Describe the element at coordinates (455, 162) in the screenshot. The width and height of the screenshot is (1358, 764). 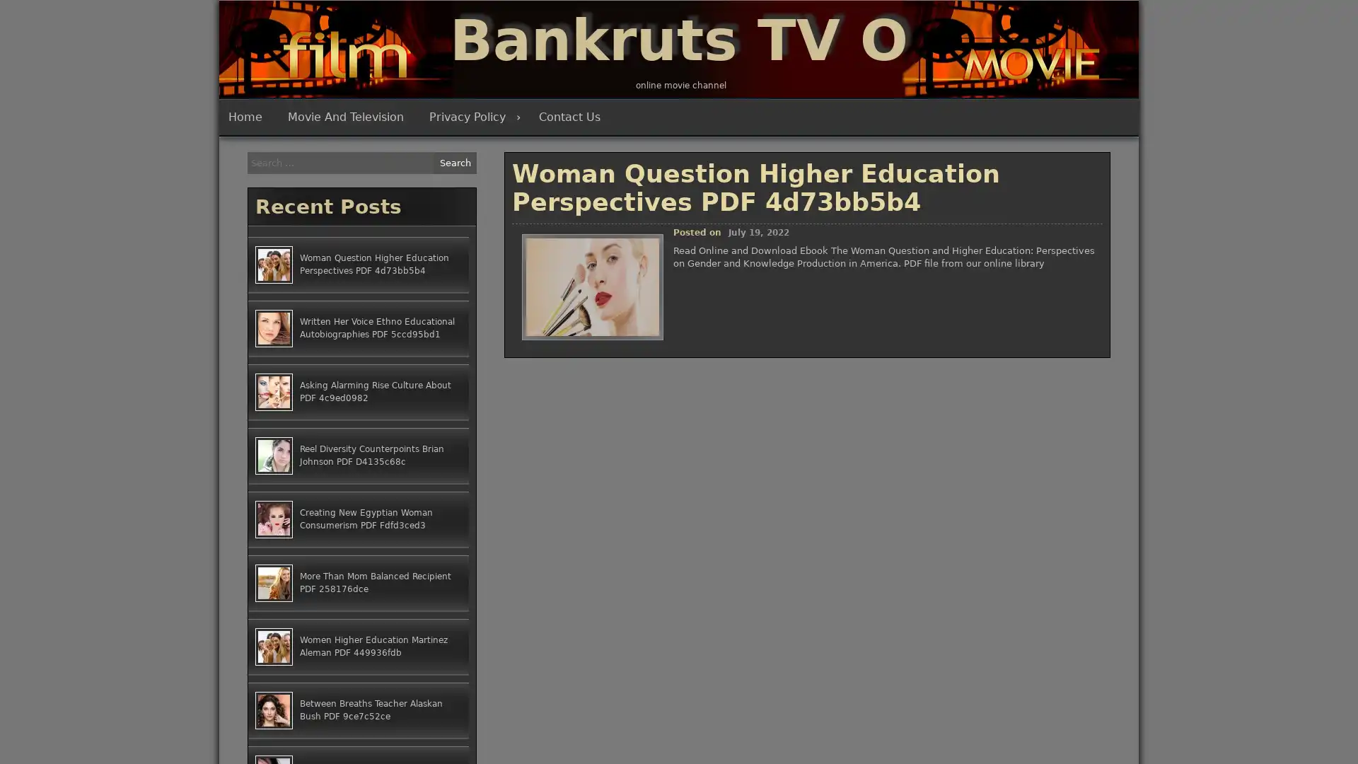
I see `Search` at that location.